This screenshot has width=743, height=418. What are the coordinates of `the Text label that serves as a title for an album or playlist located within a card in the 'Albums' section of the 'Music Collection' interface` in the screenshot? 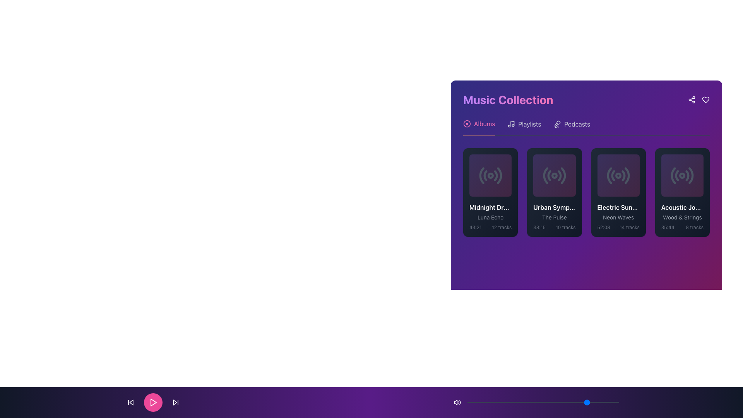 It's located at (618, 207).